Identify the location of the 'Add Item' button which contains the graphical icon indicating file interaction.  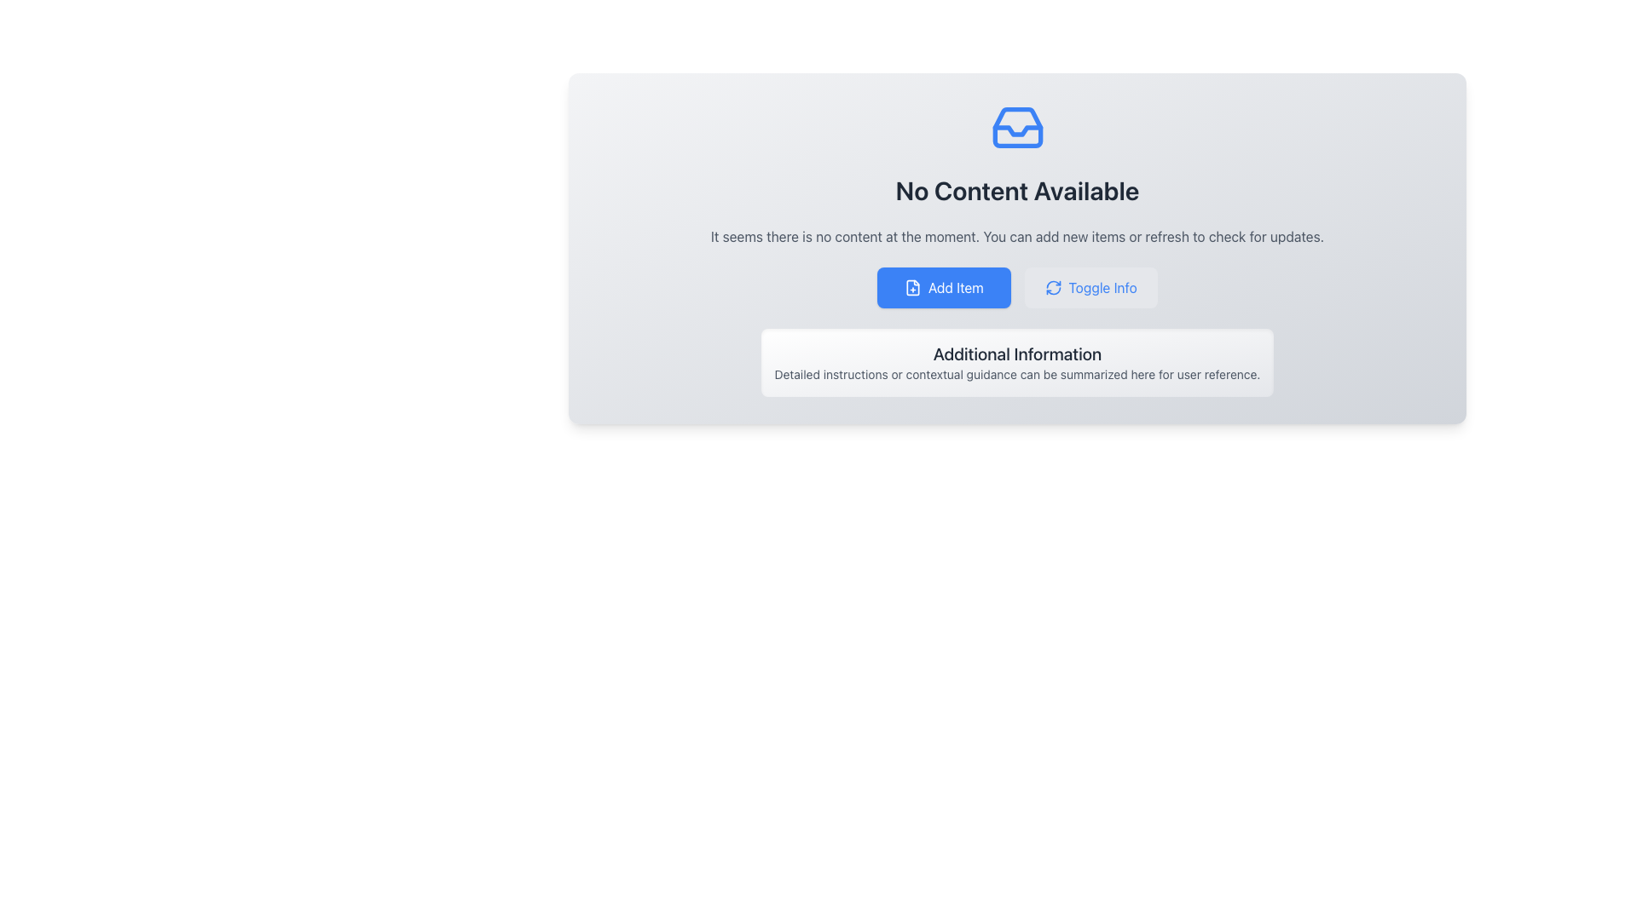
(911, 287).